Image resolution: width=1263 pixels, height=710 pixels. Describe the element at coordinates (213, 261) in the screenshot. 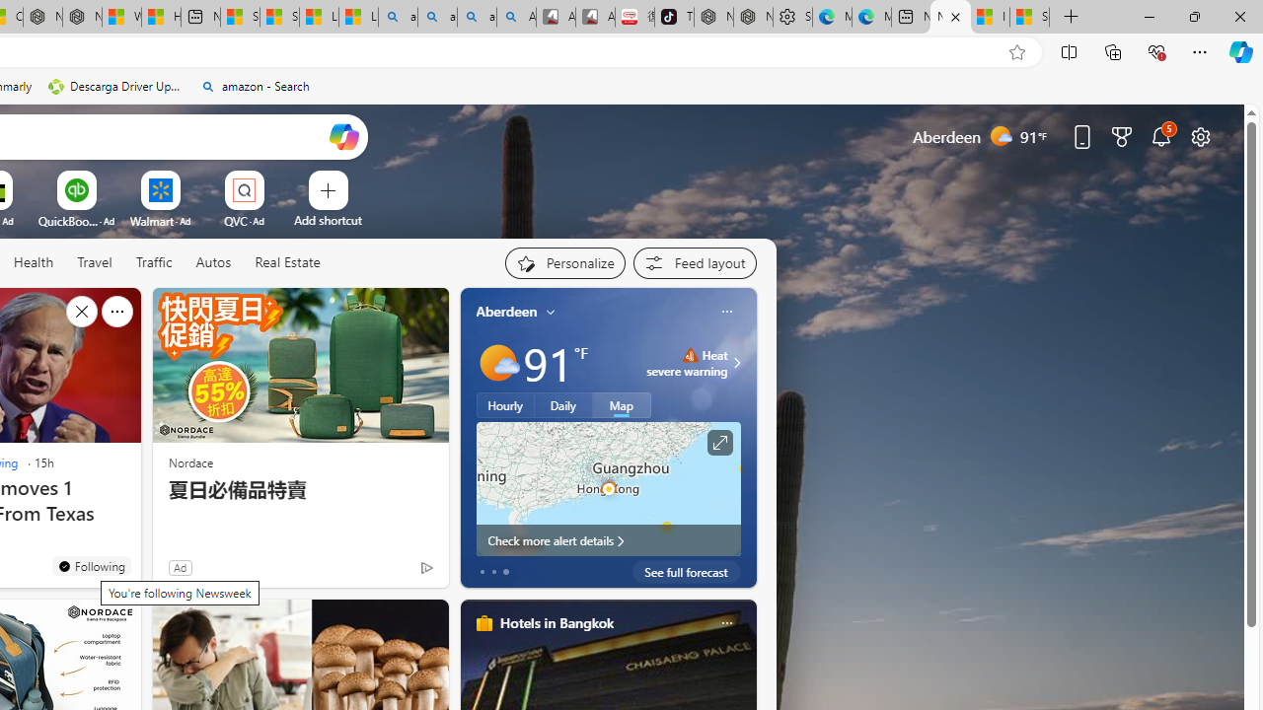

I see `'Autos'` at that location.